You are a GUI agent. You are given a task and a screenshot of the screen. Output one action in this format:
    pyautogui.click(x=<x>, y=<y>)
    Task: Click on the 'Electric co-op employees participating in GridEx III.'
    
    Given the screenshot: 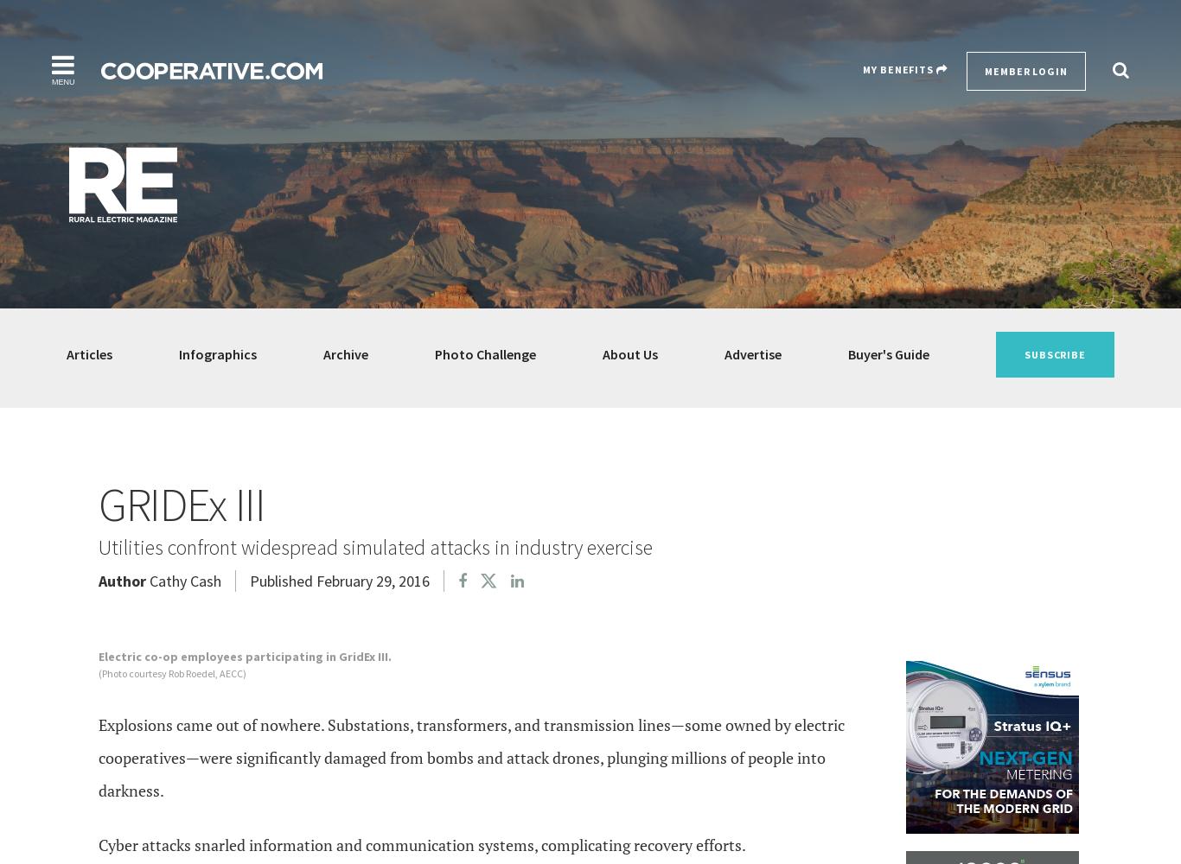 What is the action you would take?
    pyautogui.click(x=245, y=657)
    